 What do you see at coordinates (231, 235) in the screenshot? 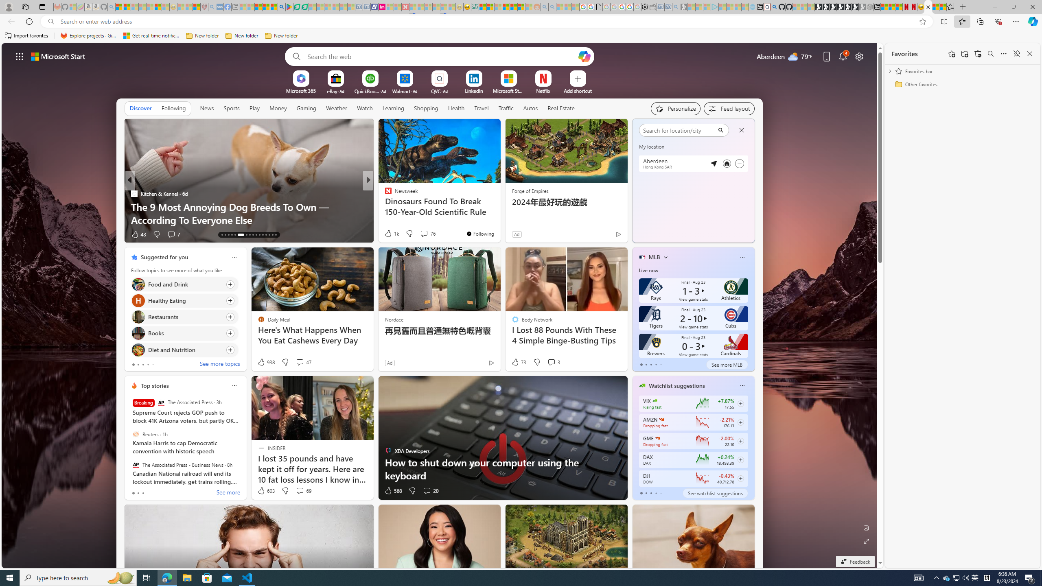
I see `'AutomationID: tab-16'` at bounding box center [231, 235].